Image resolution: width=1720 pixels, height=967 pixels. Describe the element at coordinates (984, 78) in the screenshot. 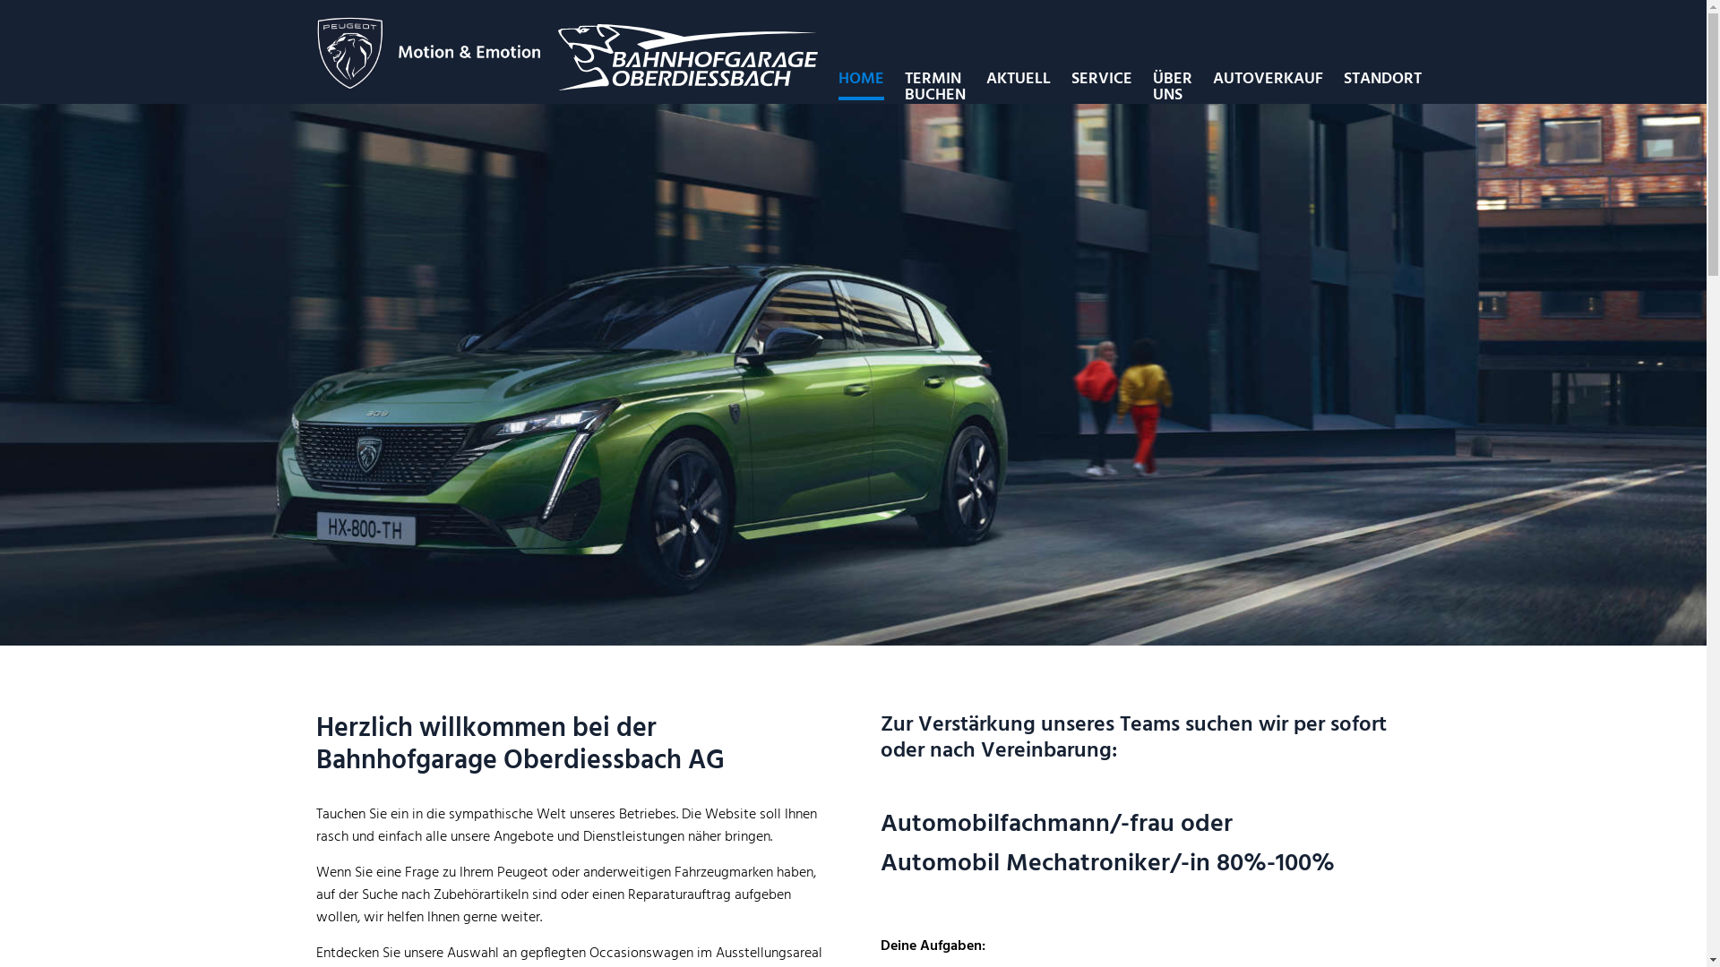

I see `'AKTUELL'` at that location.